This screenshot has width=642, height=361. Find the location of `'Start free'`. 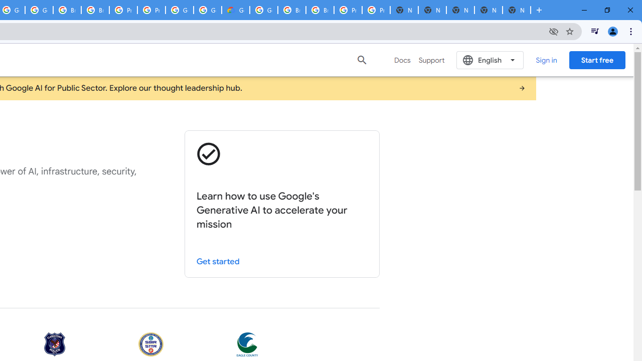

'Start free' is located at coordinates (597, 60).